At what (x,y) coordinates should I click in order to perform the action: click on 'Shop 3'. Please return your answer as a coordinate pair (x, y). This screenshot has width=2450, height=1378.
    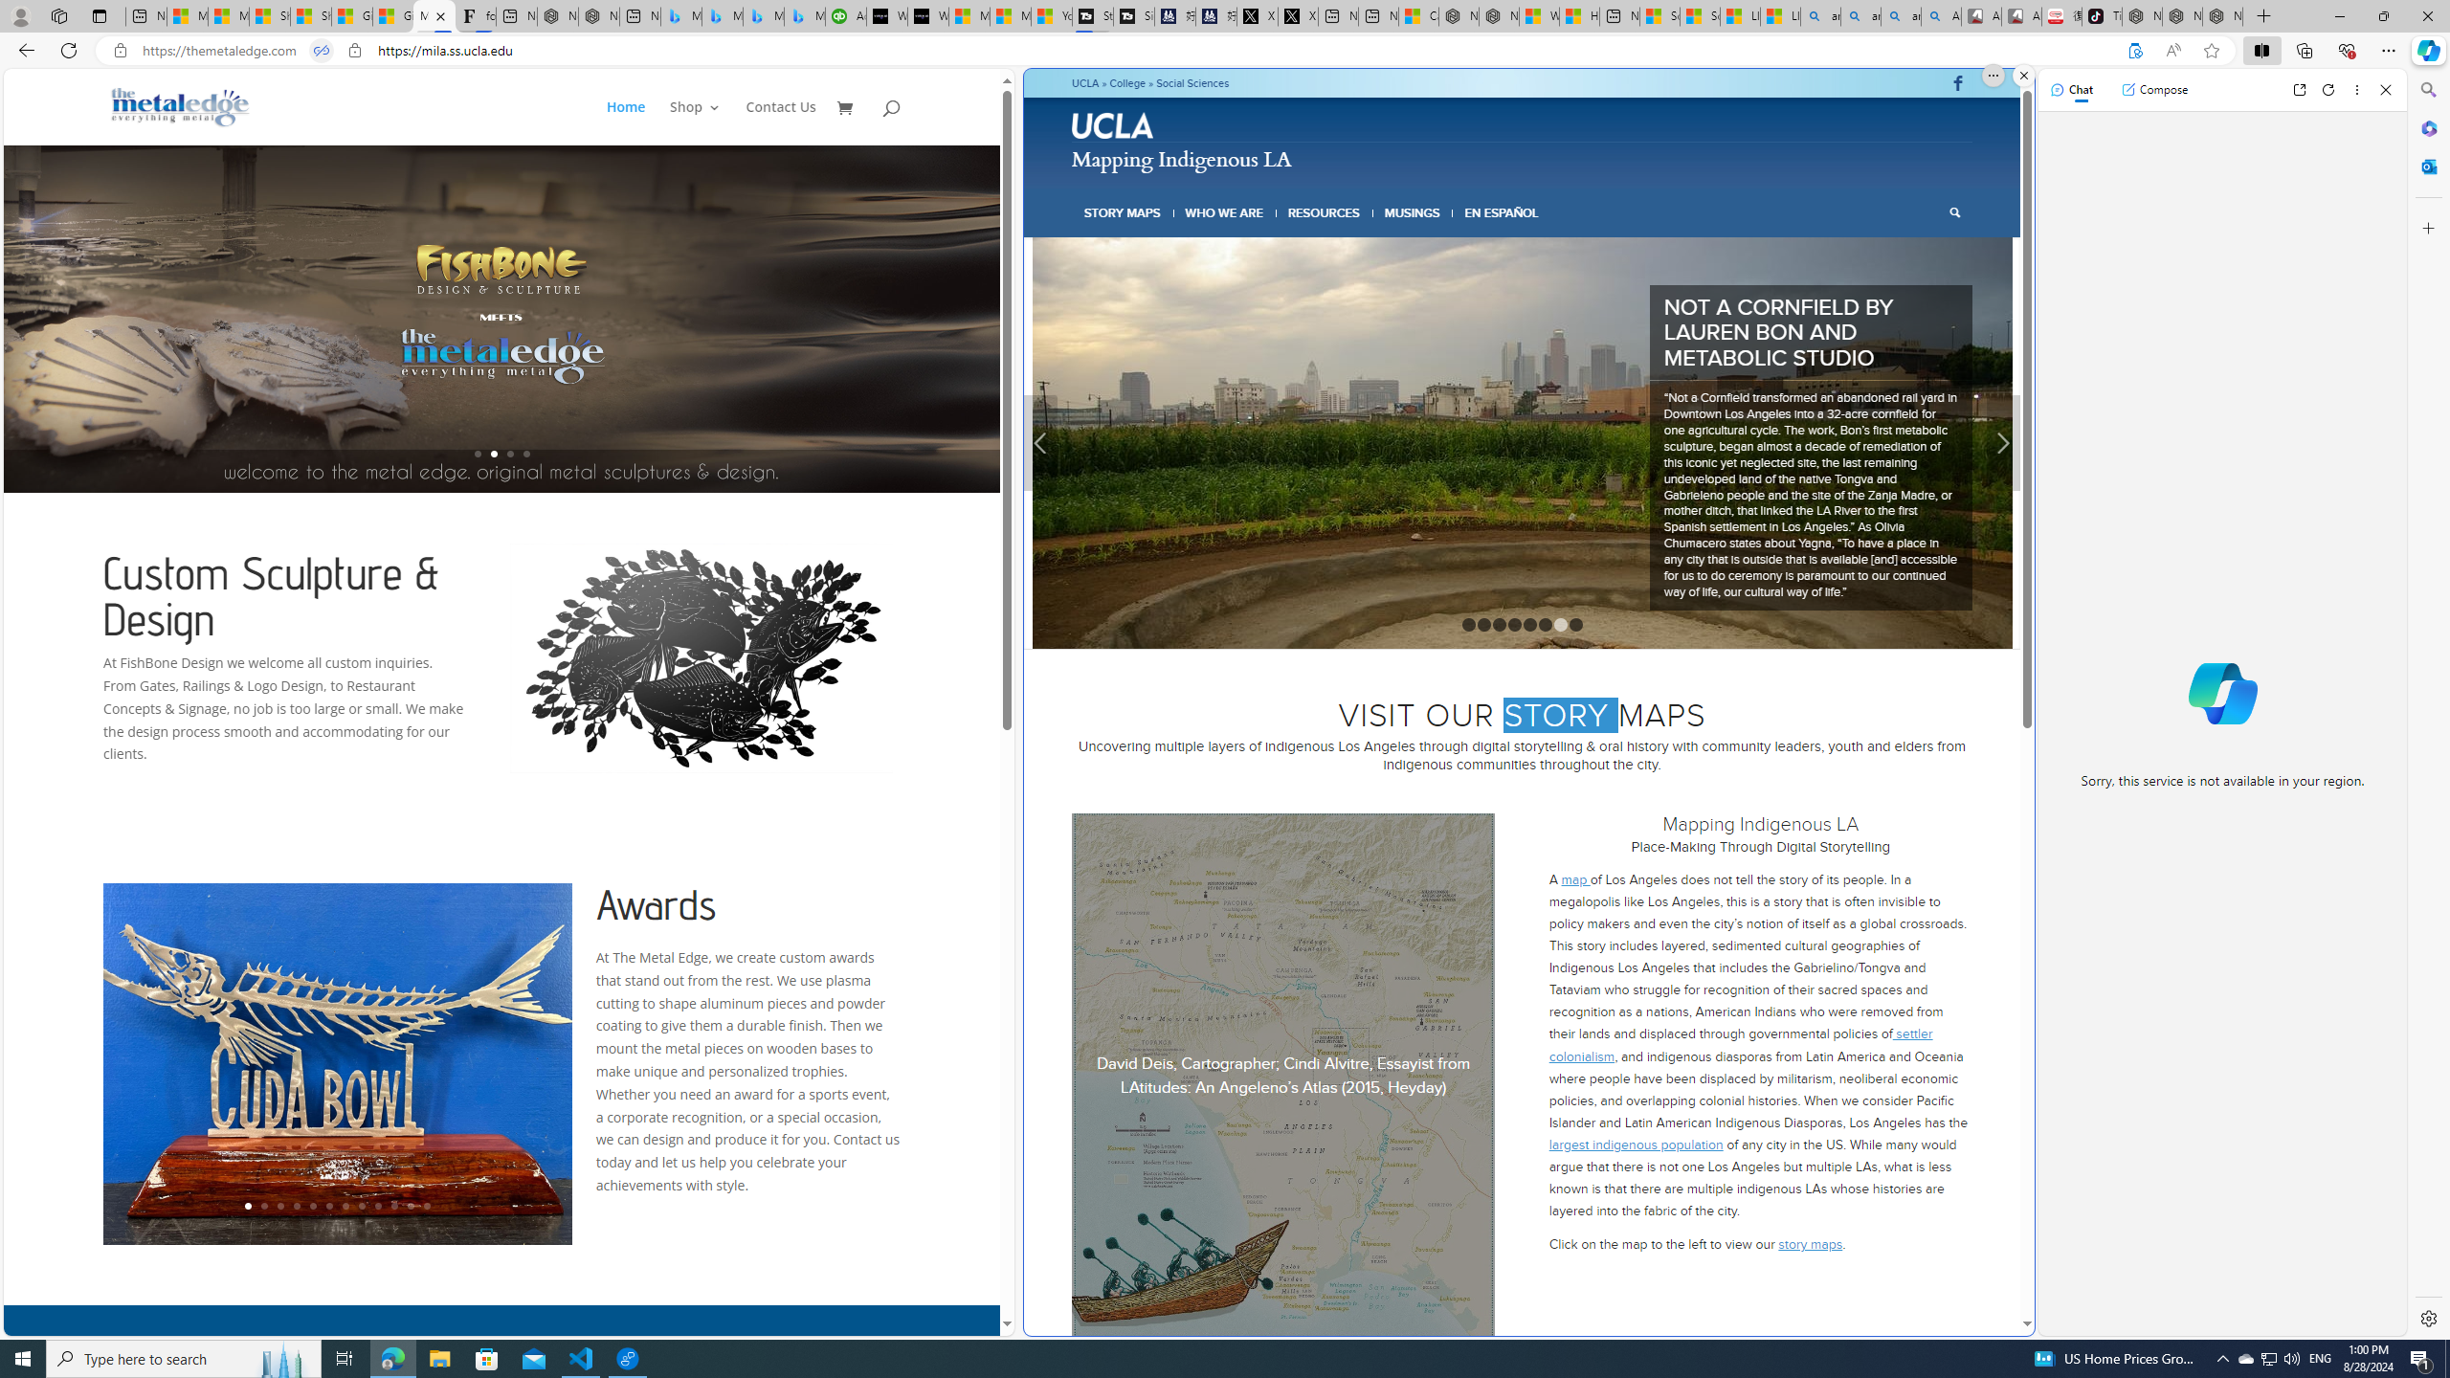
    Looking at the image, I should click on (695, 122).